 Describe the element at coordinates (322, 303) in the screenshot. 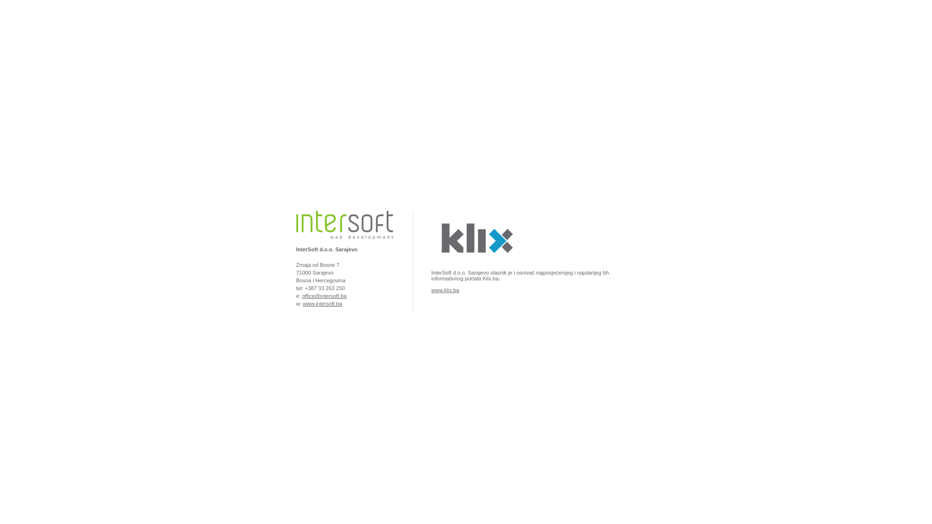

I see `'www.intersoft.ba'` at that location.